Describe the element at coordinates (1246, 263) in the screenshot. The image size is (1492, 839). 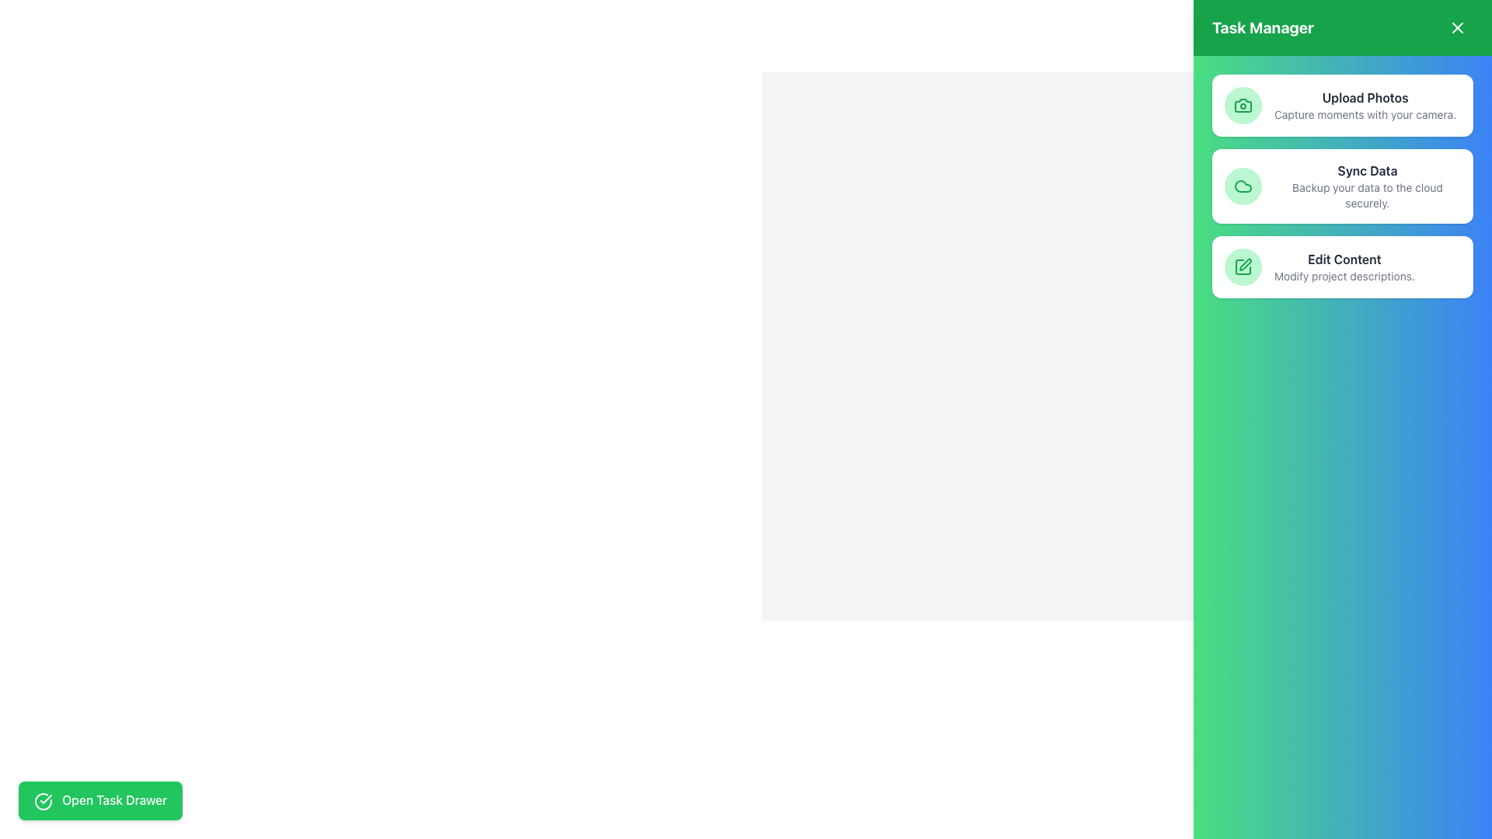
I see `the pencil icon, which is the third button in the right panel and is located under the 'Edit Content' button` at that location.